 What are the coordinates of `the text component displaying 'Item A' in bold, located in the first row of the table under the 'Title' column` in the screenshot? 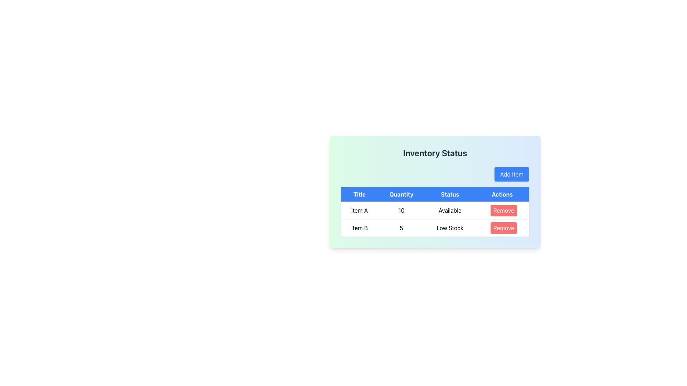 It's located at (359, 210).